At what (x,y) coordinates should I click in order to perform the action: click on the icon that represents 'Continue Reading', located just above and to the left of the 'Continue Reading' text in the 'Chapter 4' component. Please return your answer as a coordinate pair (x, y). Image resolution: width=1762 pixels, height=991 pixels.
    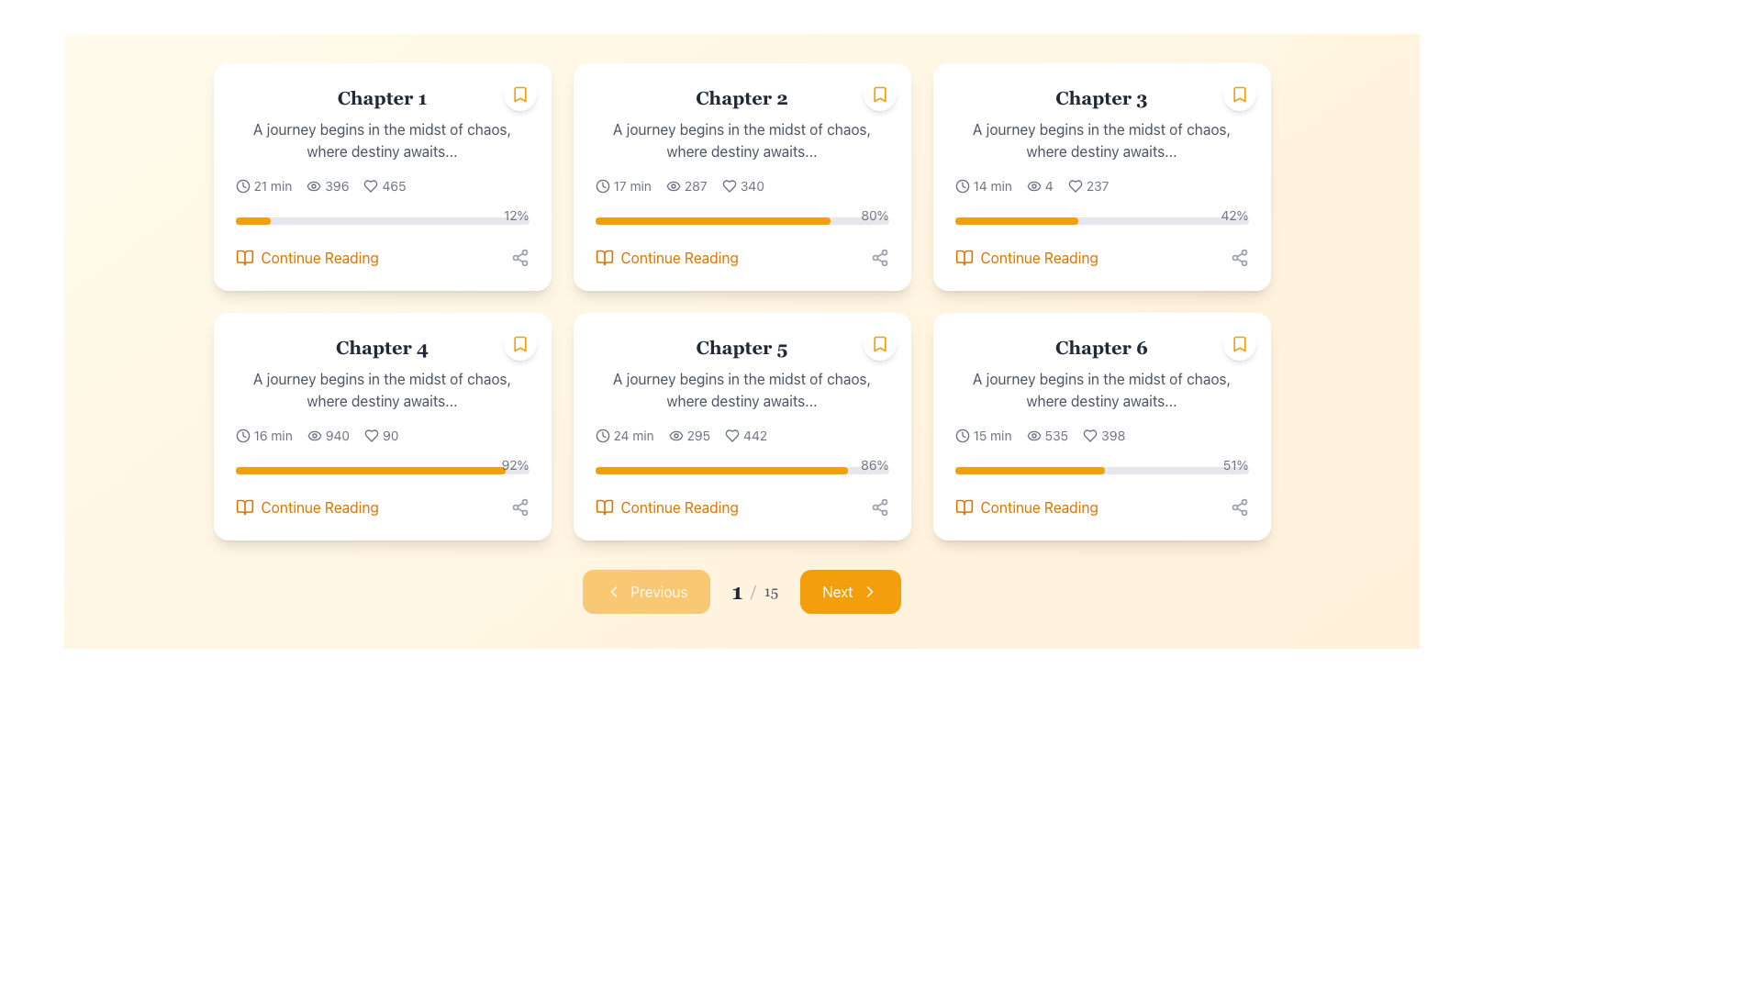
    Looking at the image, I should click on (243, 507).